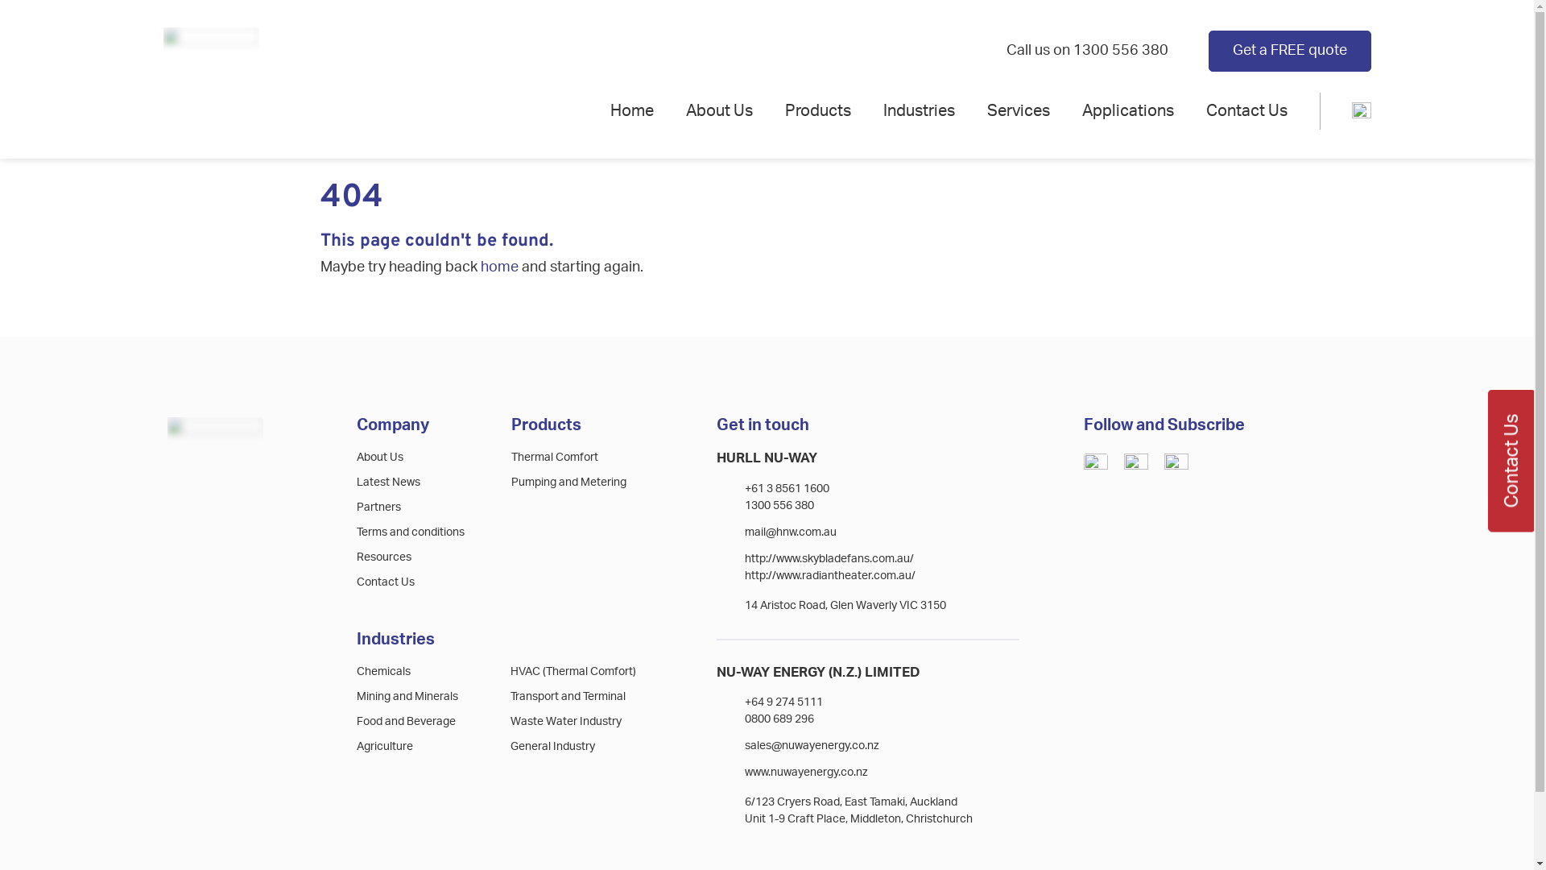  Describe the element at coordinates (806, 772) in the screenshot. I see `'www.nuwayenergy.co.nz'` at that location.